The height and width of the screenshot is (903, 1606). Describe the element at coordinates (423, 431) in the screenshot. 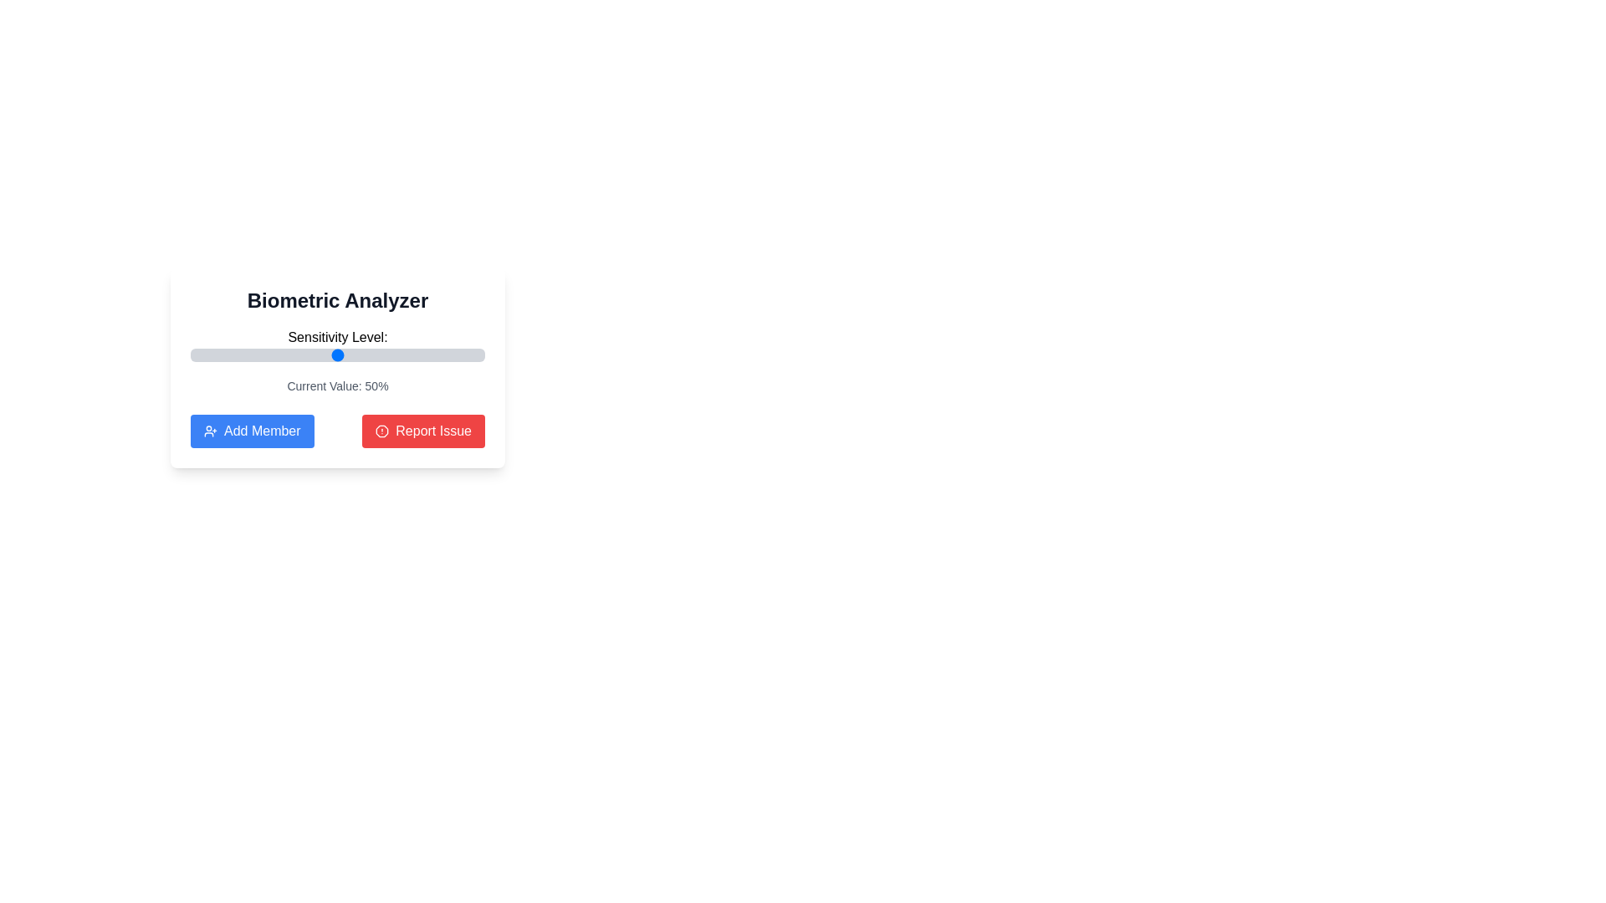

I see `the button to report an issue, located to the right of the 'Add Member' button in a horizontal layout at the bottom of a card component` at that location.